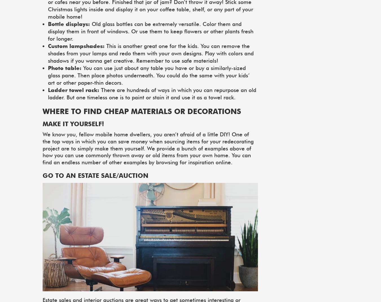 Image resolution: width=381 pixels, height=302 pixels. Describe the element at coordinates (76, 46) in the screenshot. I see `'Custom lampshades:'` at that location.